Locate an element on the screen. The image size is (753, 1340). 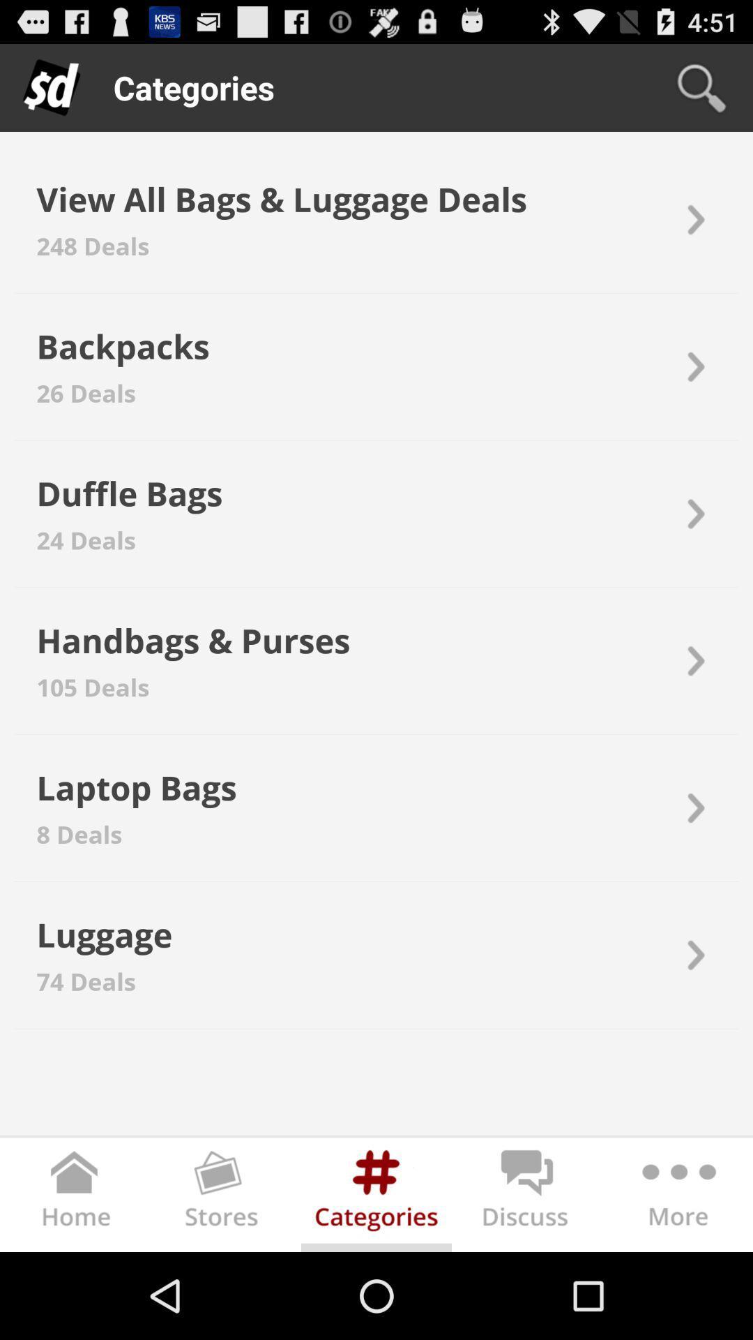
home is located at coordinates (75, 1197).